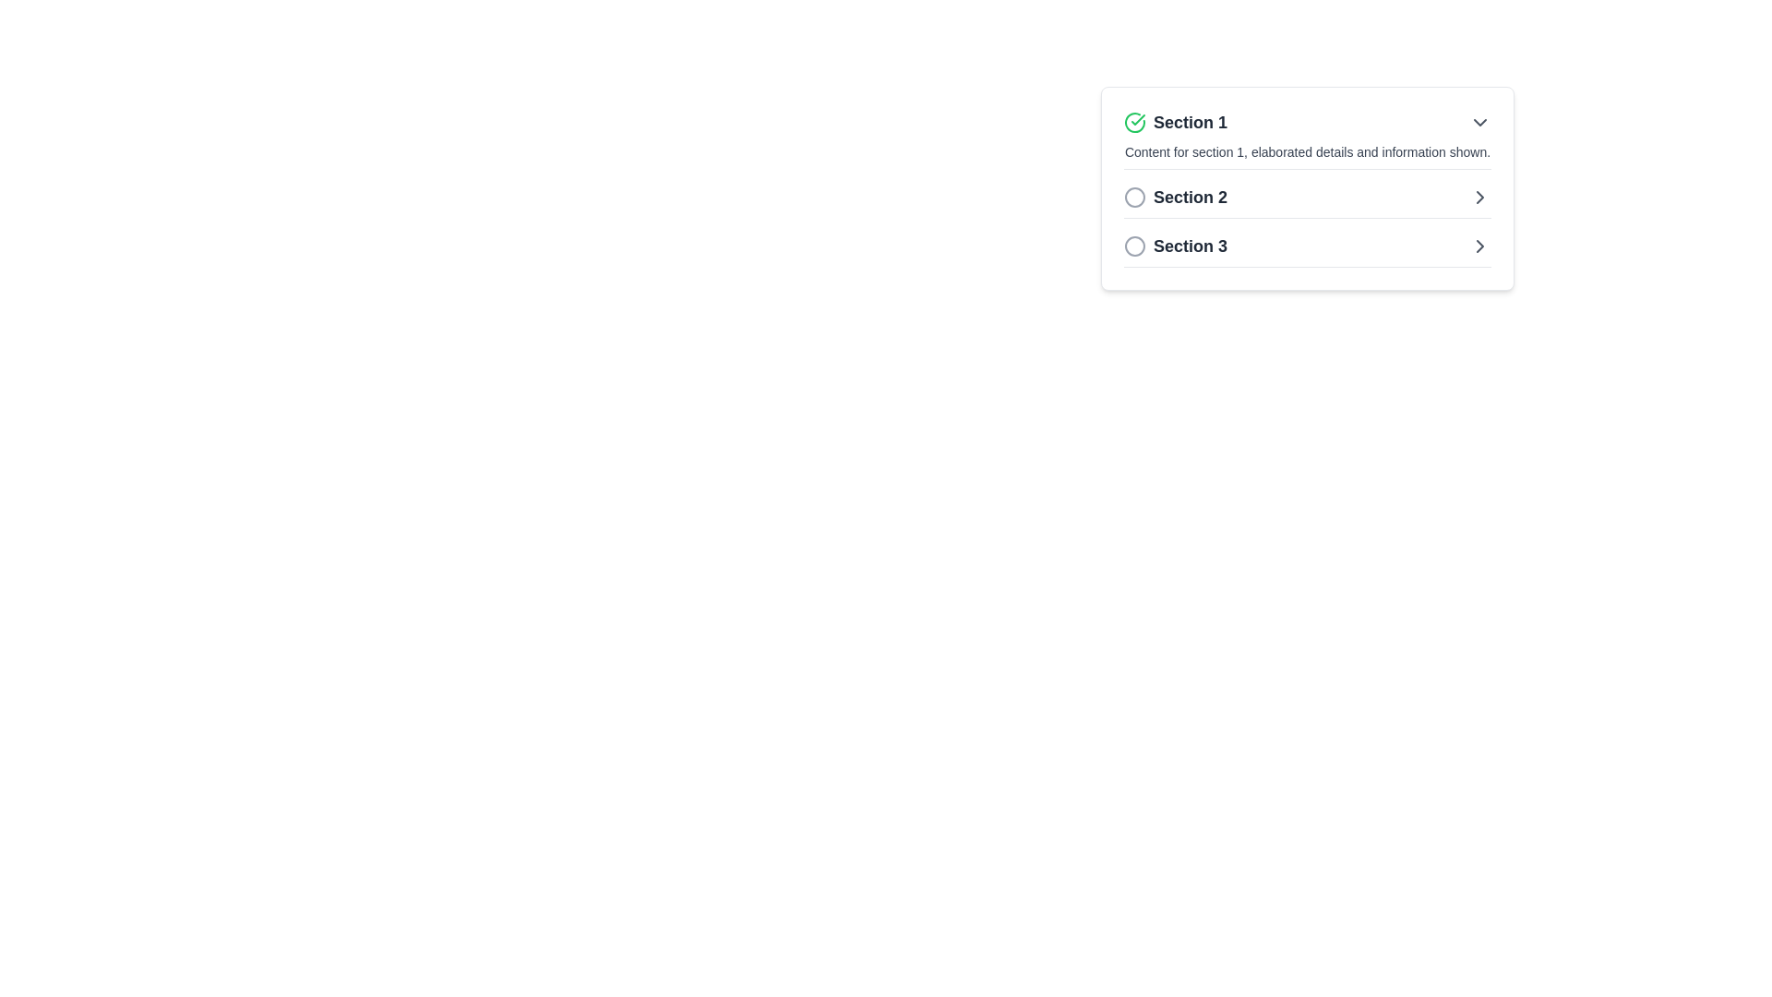 The image size is (1772, 997). Describe the element at coordinates (1133, 245) in the screenshot. I see `the circle that indicates the state of the third section in the vertical list of icons` at that location.